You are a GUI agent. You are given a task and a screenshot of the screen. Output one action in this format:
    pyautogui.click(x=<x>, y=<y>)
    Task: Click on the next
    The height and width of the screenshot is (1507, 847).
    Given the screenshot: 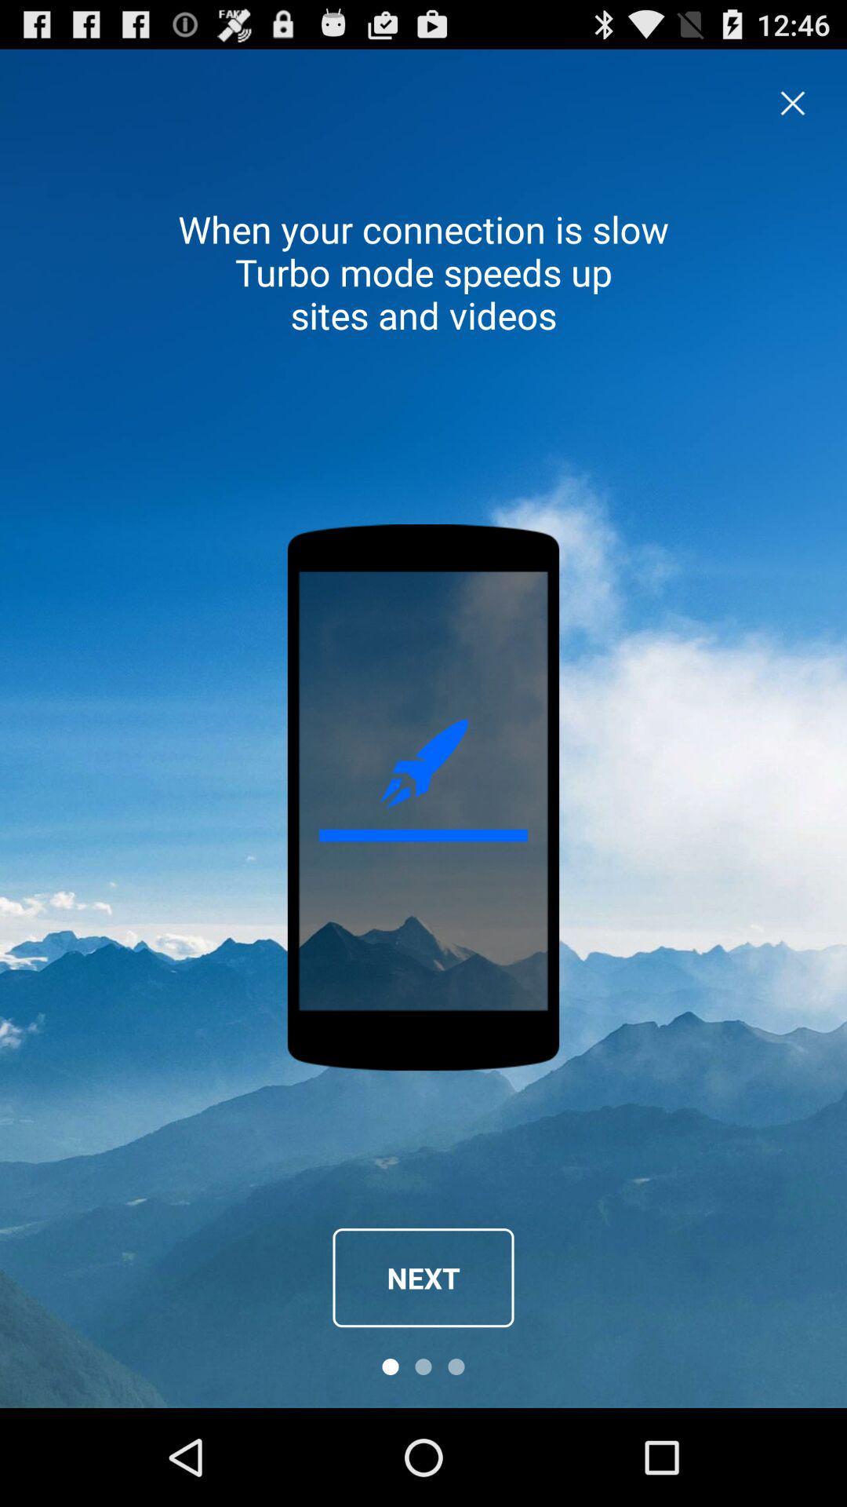 What is the action you would take?
    pyautogui.click(x=423, y=1278)
    